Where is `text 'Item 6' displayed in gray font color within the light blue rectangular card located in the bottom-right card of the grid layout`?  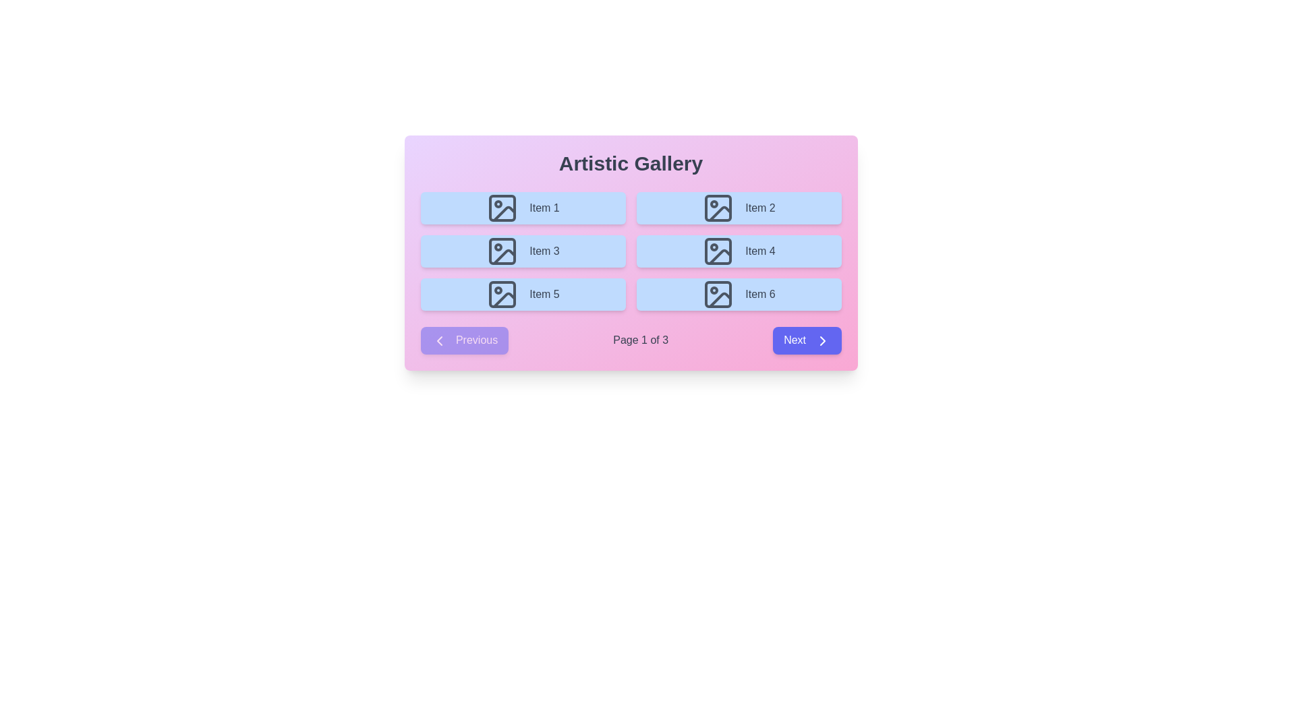 text 'Item 6' displayed in gray font color within the light blue rectangular card located in the bottom-right card of the grid layout is located at coordinates (760, 293).